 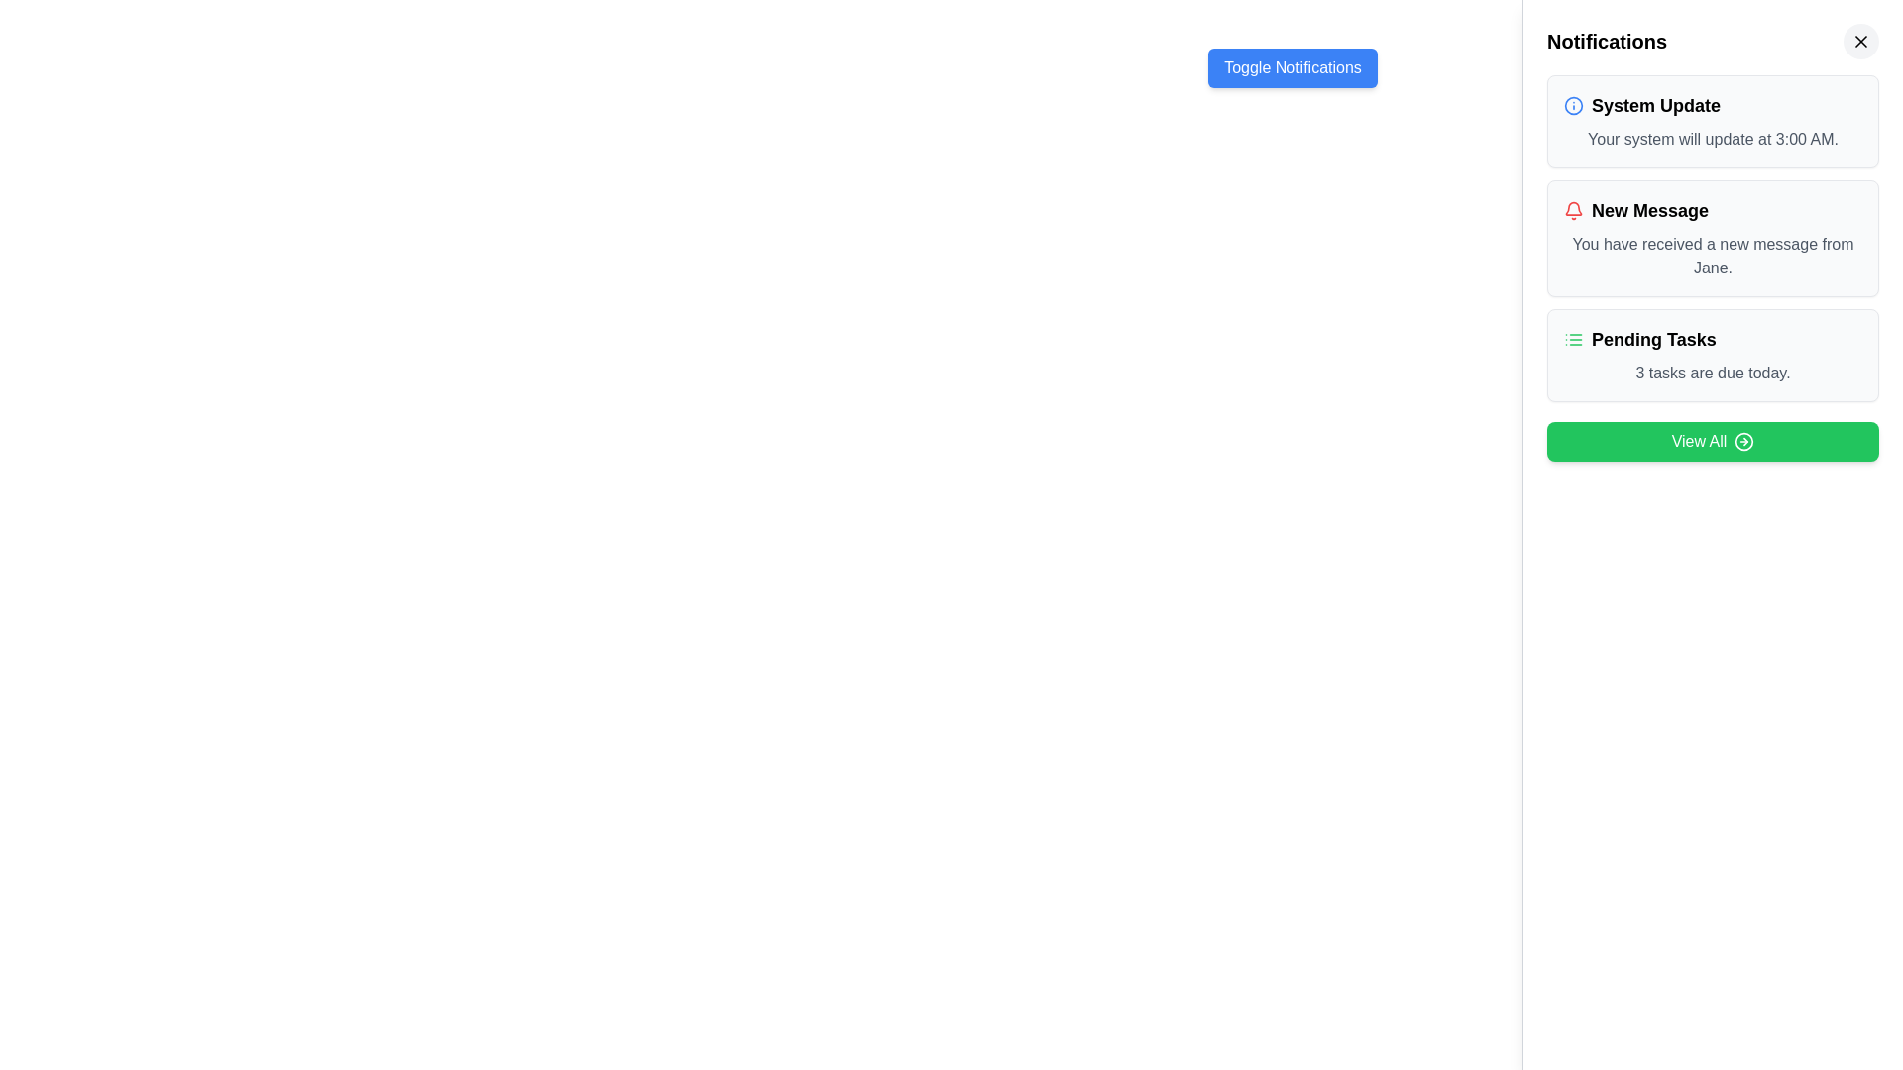 I want to click on the SVG Circle that serves as the outline for the information icon beside the 'System Update' notification, so click(x=1573, y=106).